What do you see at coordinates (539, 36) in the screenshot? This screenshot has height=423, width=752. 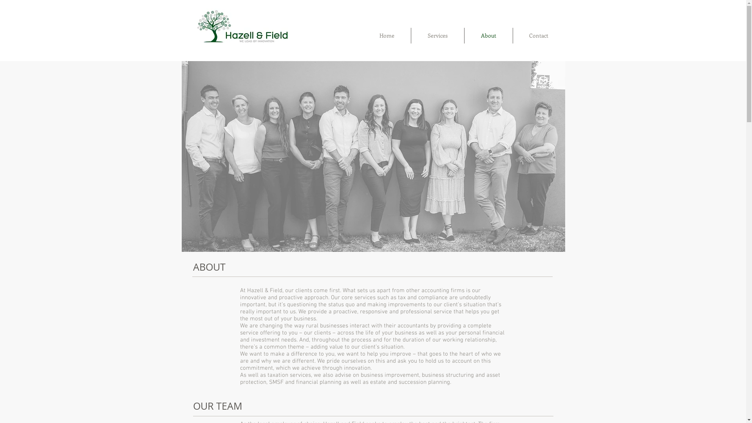 I see `'Contact'` at bounding box center [539, 36].